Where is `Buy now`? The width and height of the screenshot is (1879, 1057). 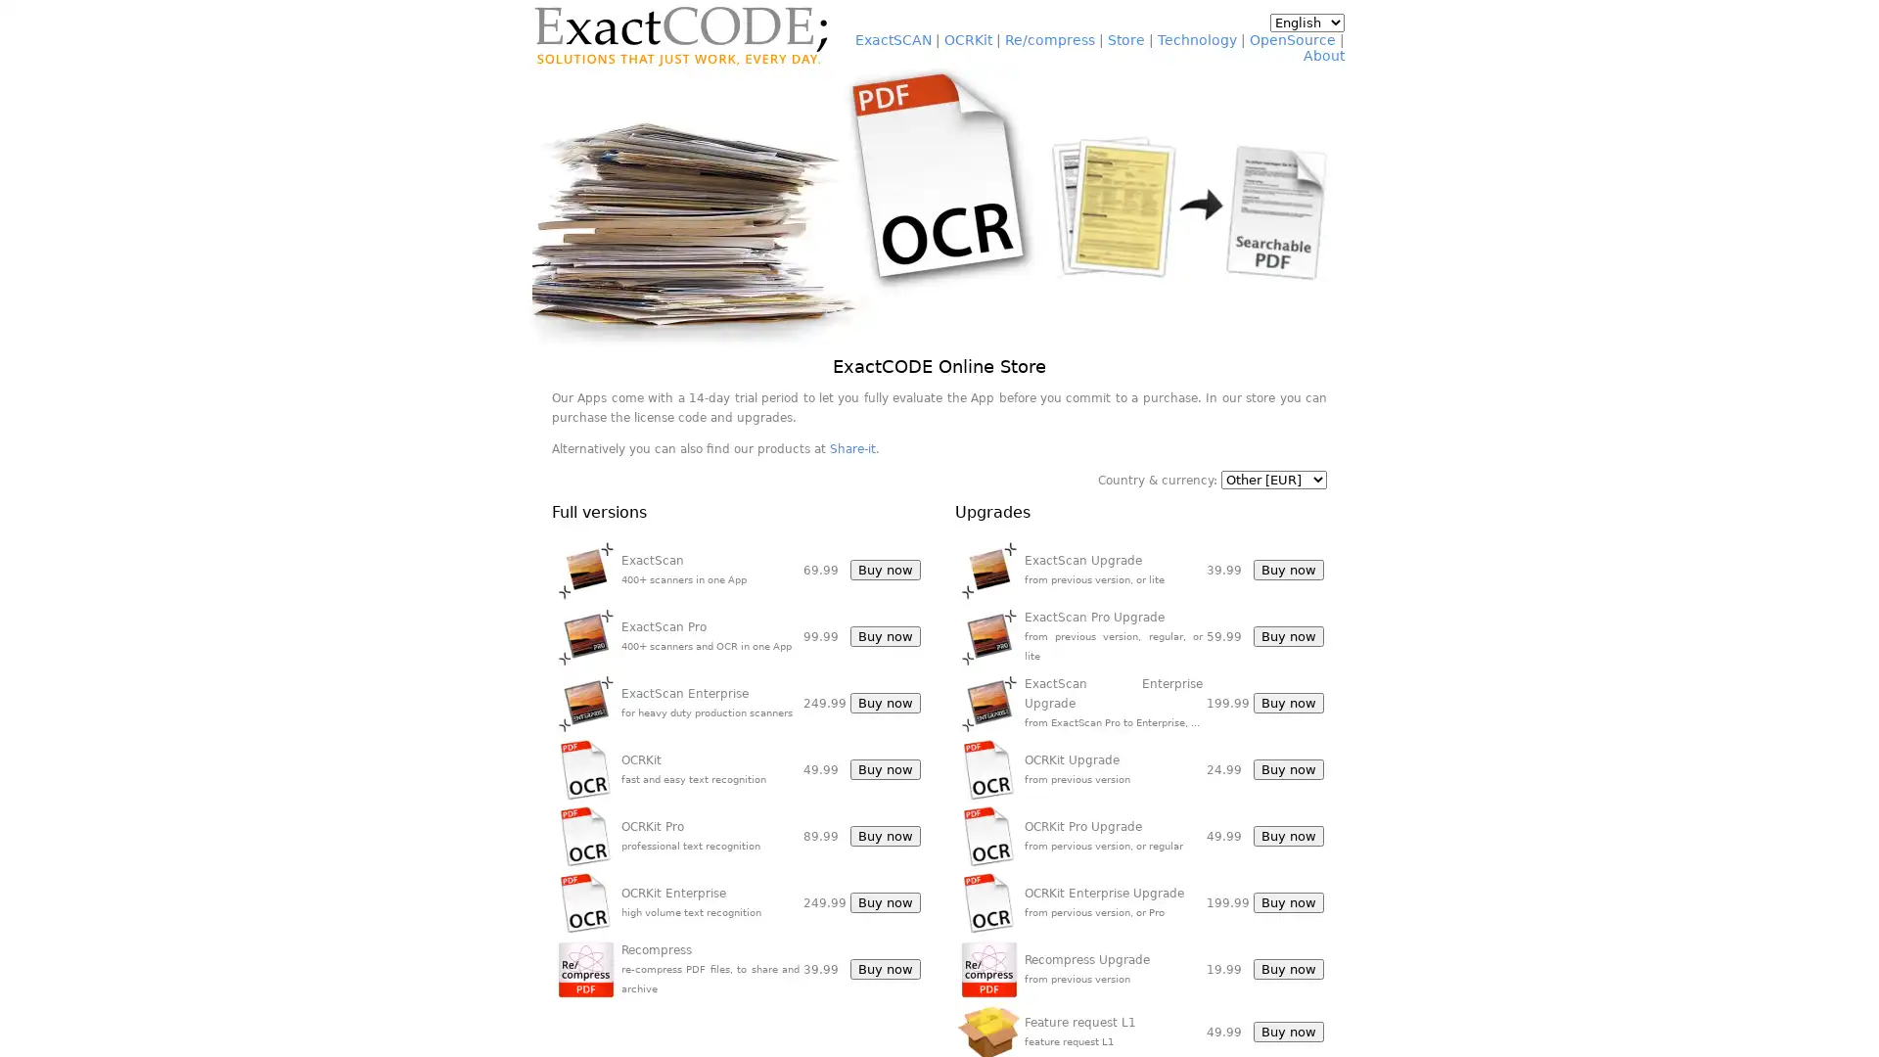 Buy now is located at coordinates (885, 702).